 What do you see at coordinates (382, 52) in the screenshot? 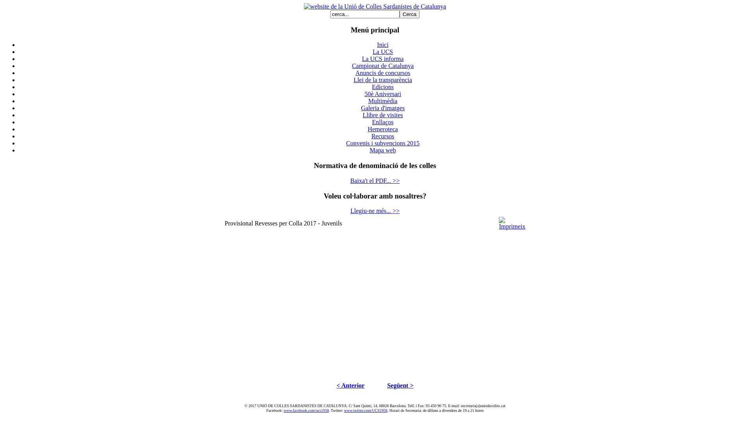
I see `'La UCS'` at bounding box center [382, 52].